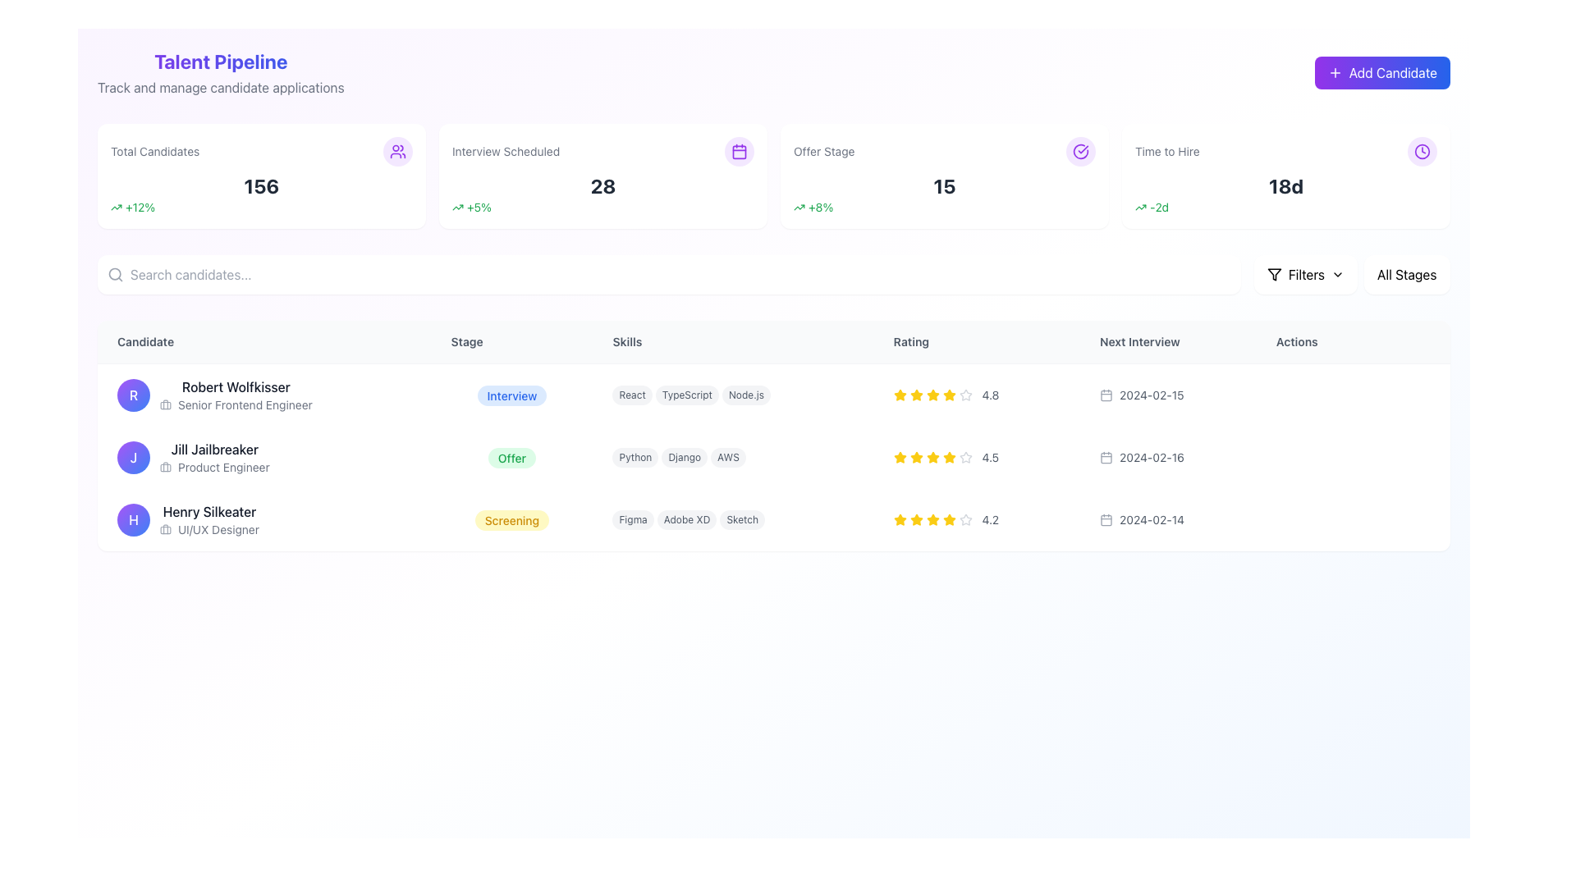  I want to click on the label element with the text 'Screening' located in the 'Stage' column for 'Henry Silkeater' in the candidates' table, which has a rounded shape and a light yellow background, so click(511, 520).